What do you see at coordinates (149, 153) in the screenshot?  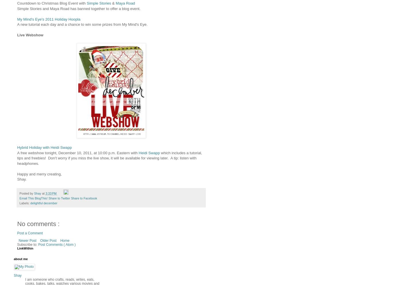 I see `'Heidi Swapp'` at bounding box center [149, 153].